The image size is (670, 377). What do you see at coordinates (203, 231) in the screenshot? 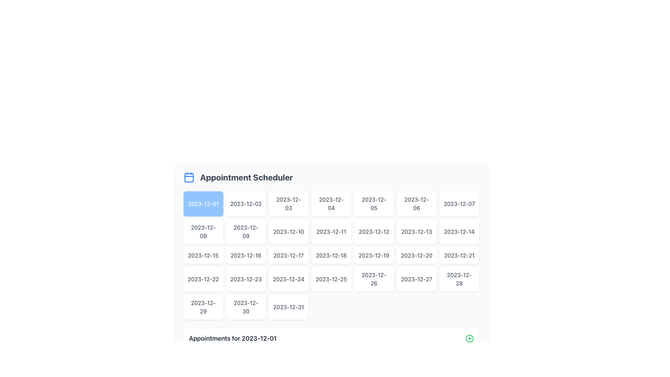
I see `the button representing the date 2023-12-08 in the calendar interface` at bounding box center [203, 231].